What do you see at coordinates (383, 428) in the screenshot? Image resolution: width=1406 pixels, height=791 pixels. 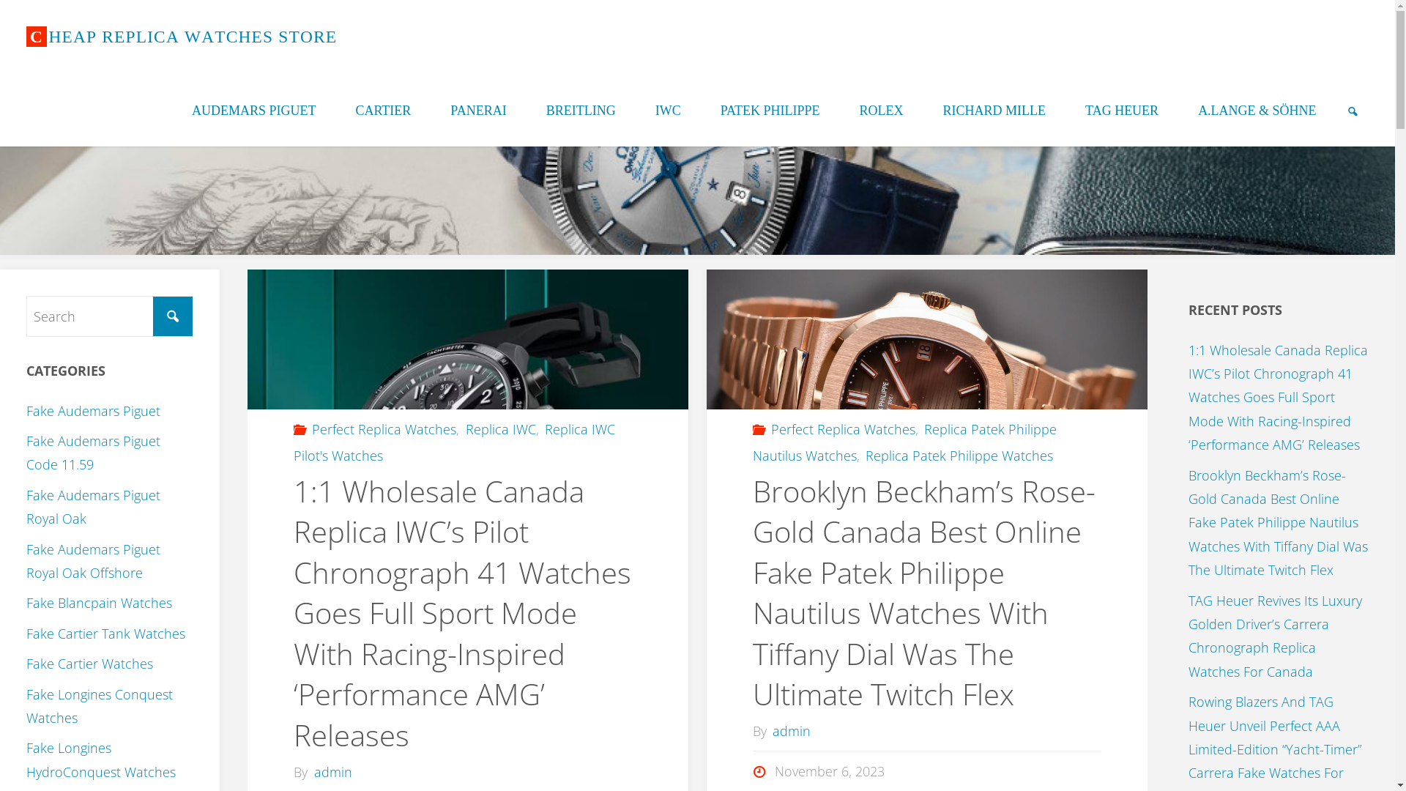 I see `'Perfect Replica Watches'` at bounding box center [383, 428].